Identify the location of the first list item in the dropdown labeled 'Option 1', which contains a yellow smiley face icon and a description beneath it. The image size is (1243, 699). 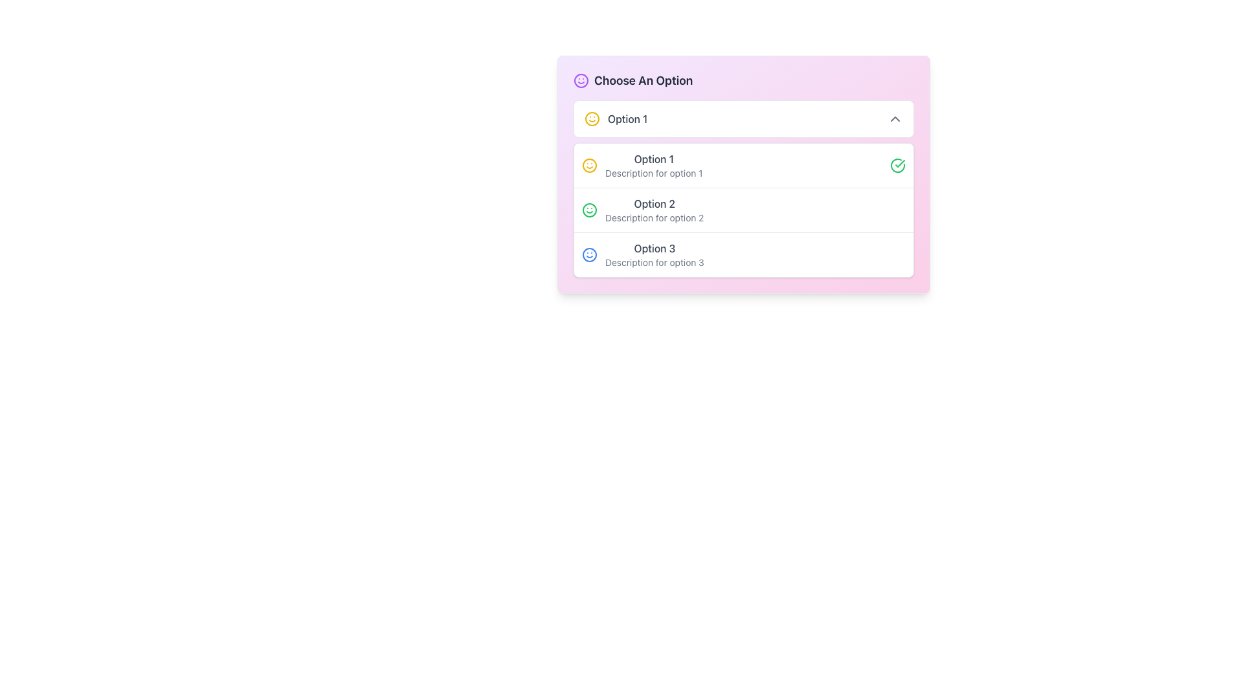
(642, 164).